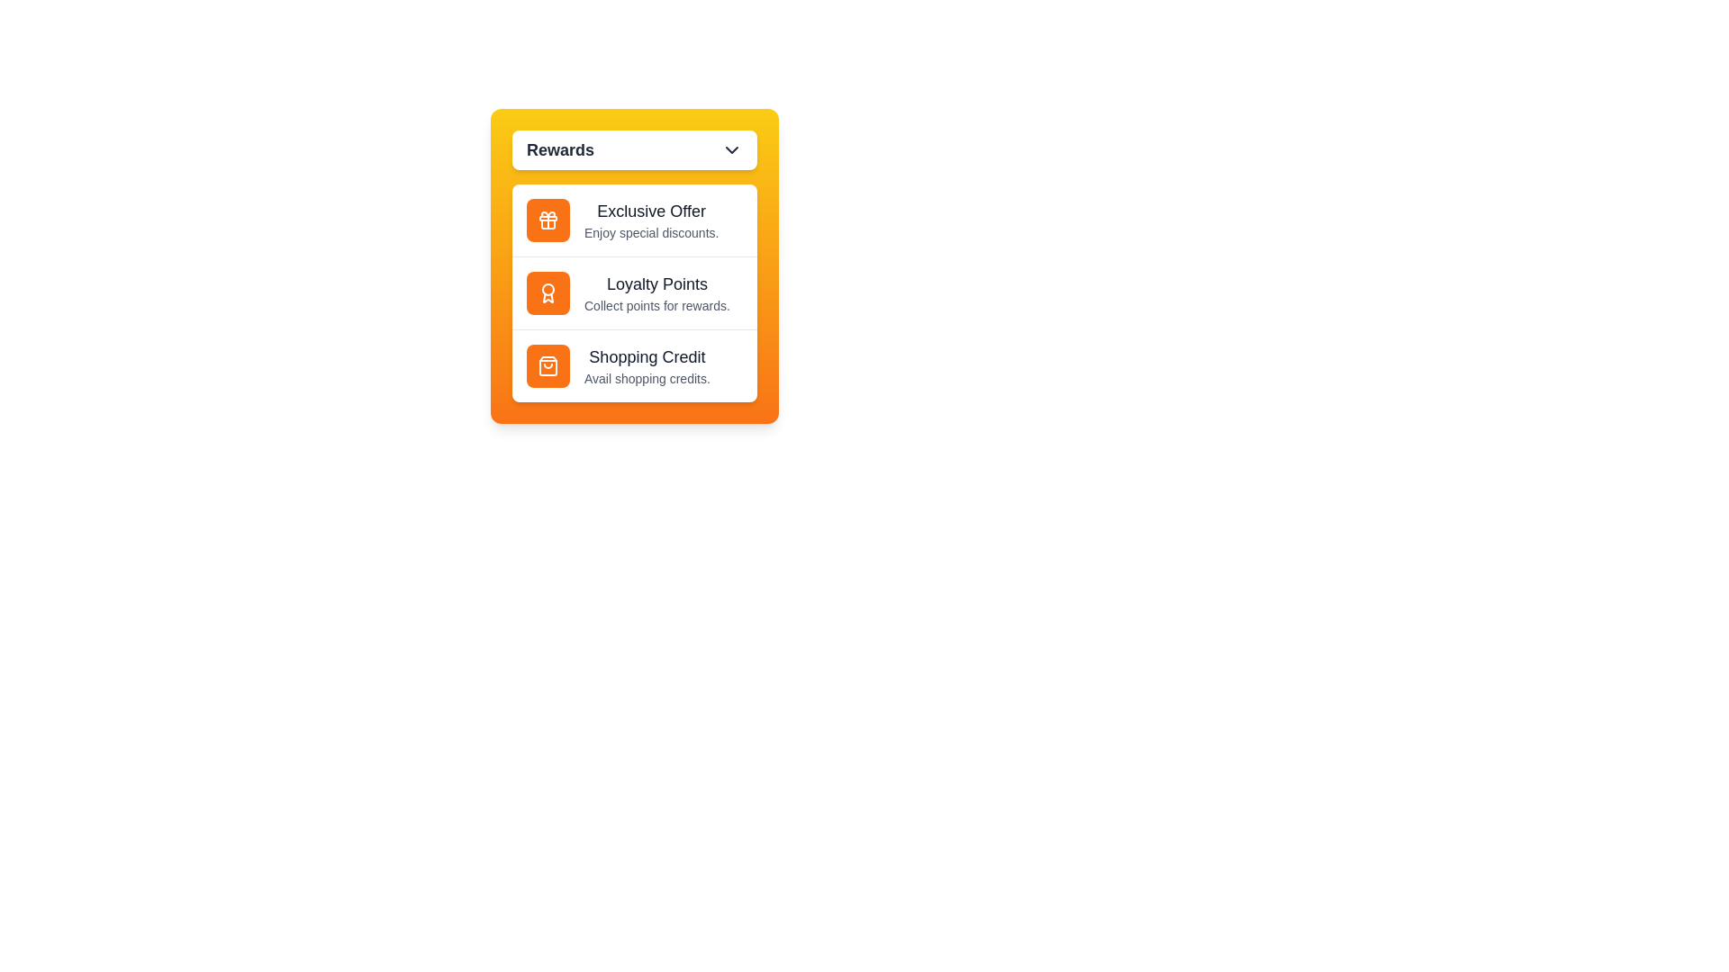 The image size is (1729, 972). I want to click on the 'Shopping Credit' icon located in the third row under the 'Rewards' heading, which serves as a visual indicator for shopping credit, so click(548, 365).